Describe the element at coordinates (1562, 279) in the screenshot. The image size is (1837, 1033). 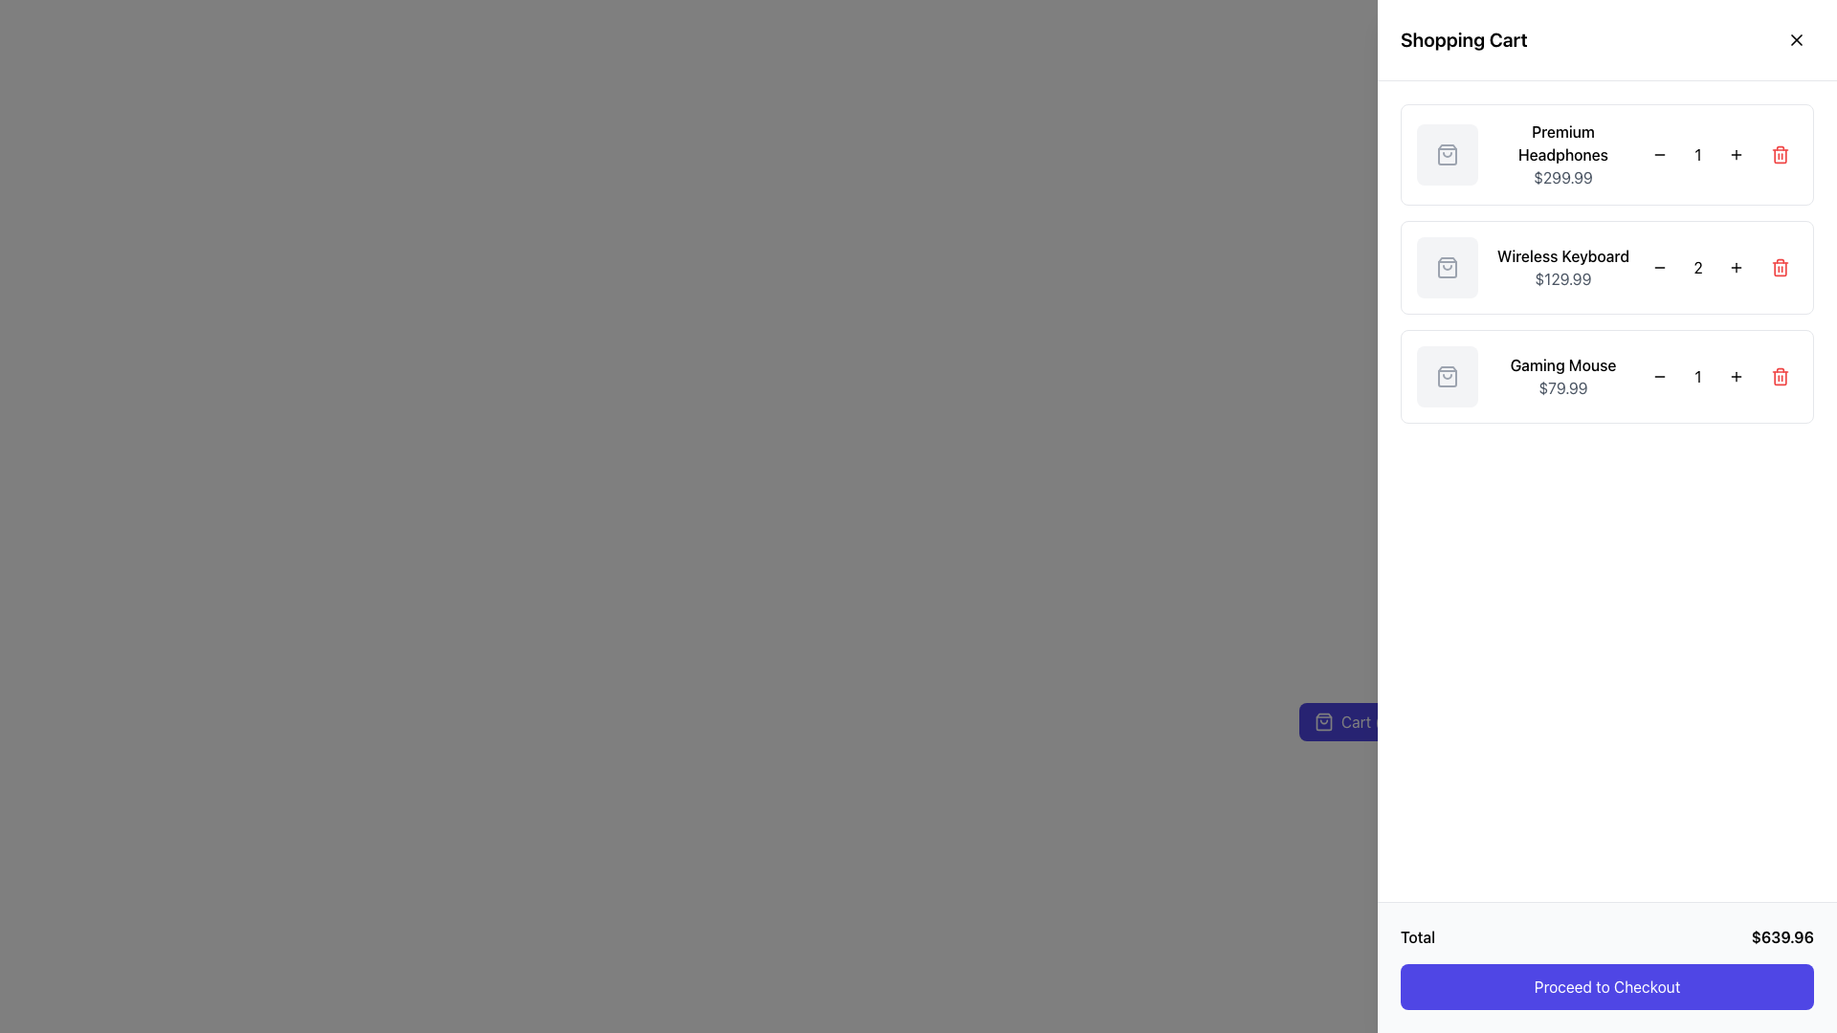
I see `the price display Text Label of the 'Wireless Keyboard' in the shopping cart, located directly below the item label` at that location.